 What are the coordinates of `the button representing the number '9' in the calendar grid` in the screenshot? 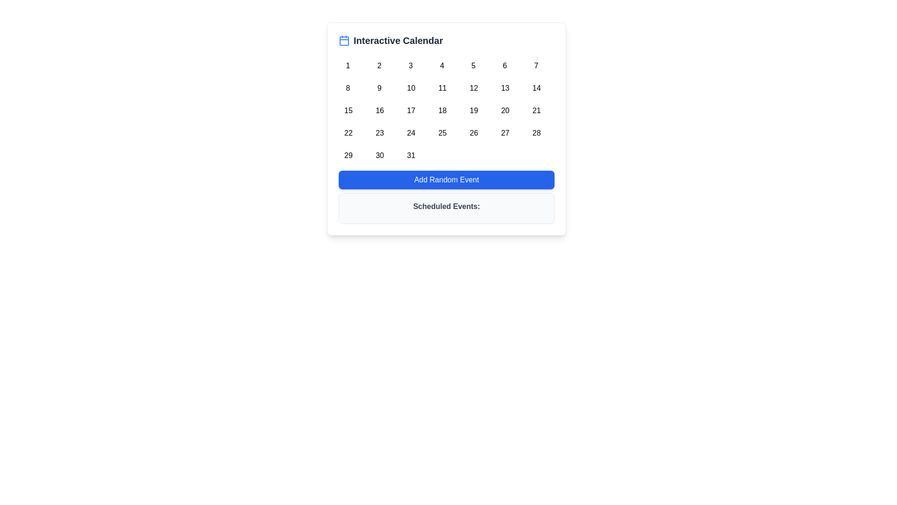 It's located at (379, 87).